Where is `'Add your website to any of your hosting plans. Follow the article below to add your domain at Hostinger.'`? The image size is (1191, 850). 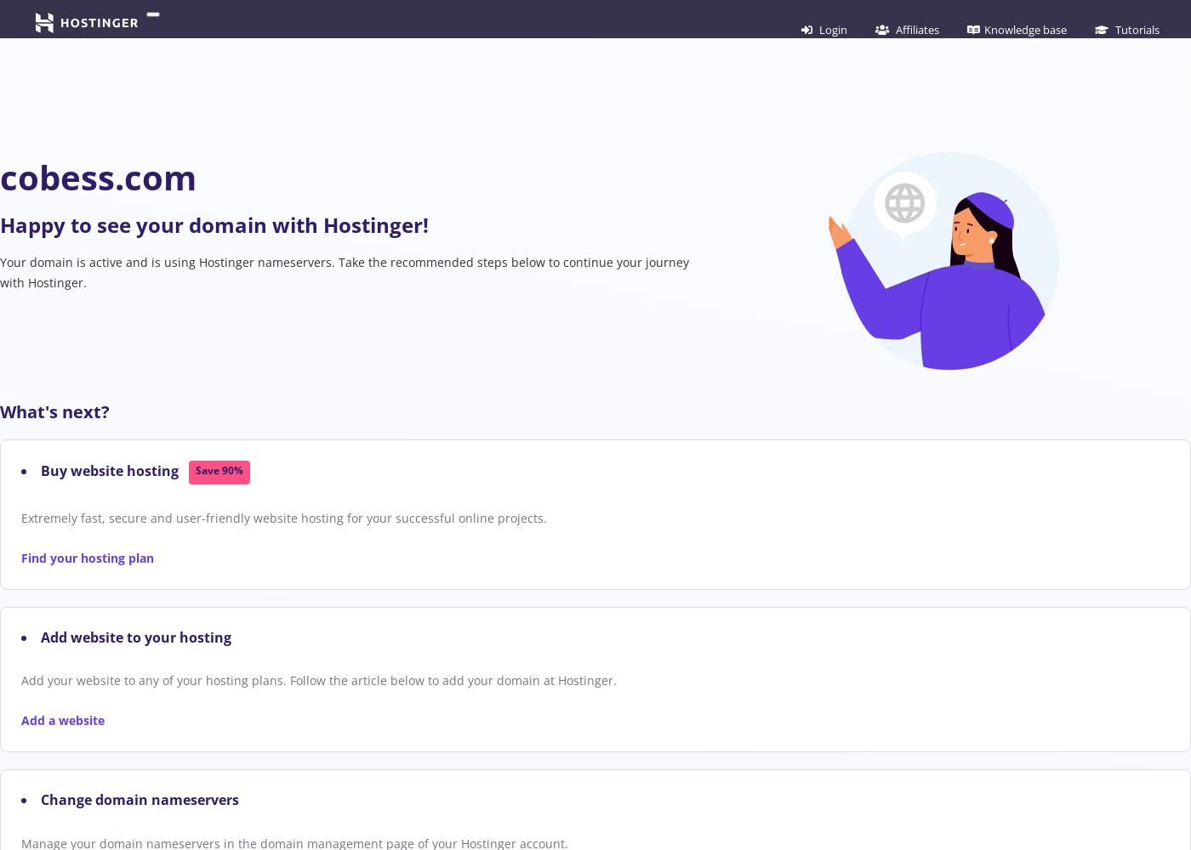 'Add your website to any of your hosting plans. Follow the article below to add your domain at Hostinger.' is located at coordinates (319, 680).